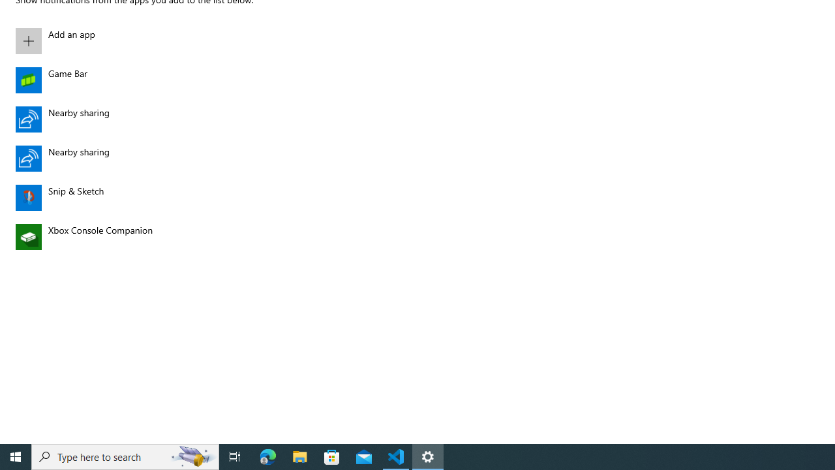  What do you see at coordinates (299, 456) in the screenshot?
I see `'File Explorer'` at bounding box center [299, 456].